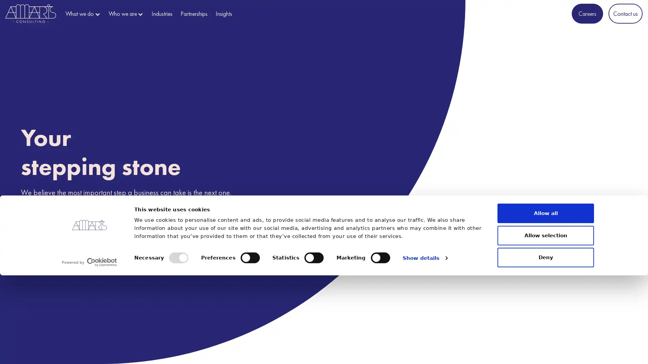 This screenshot has width=648, height=364. What do you see at coordinates (625, 13) in the screenshot?
I see `Contact us` at bounding box center [625, 13].